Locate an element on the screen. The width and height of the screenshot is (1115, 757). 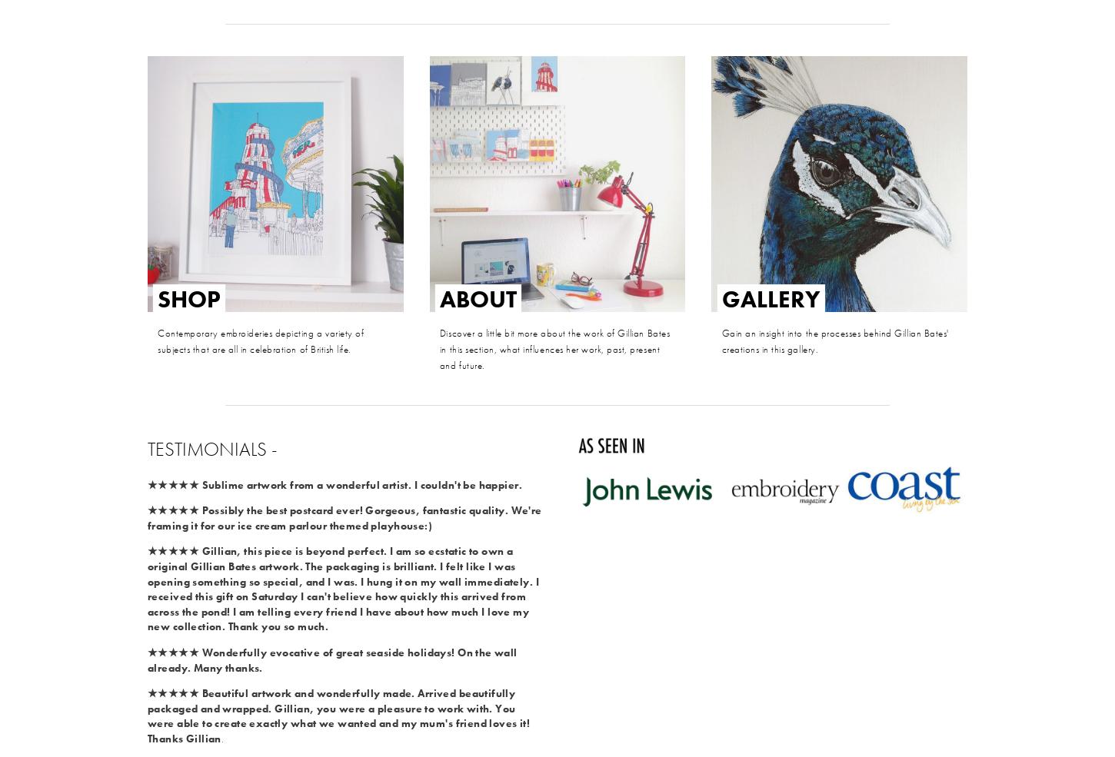
'.' is located at coordinates (221, 737).